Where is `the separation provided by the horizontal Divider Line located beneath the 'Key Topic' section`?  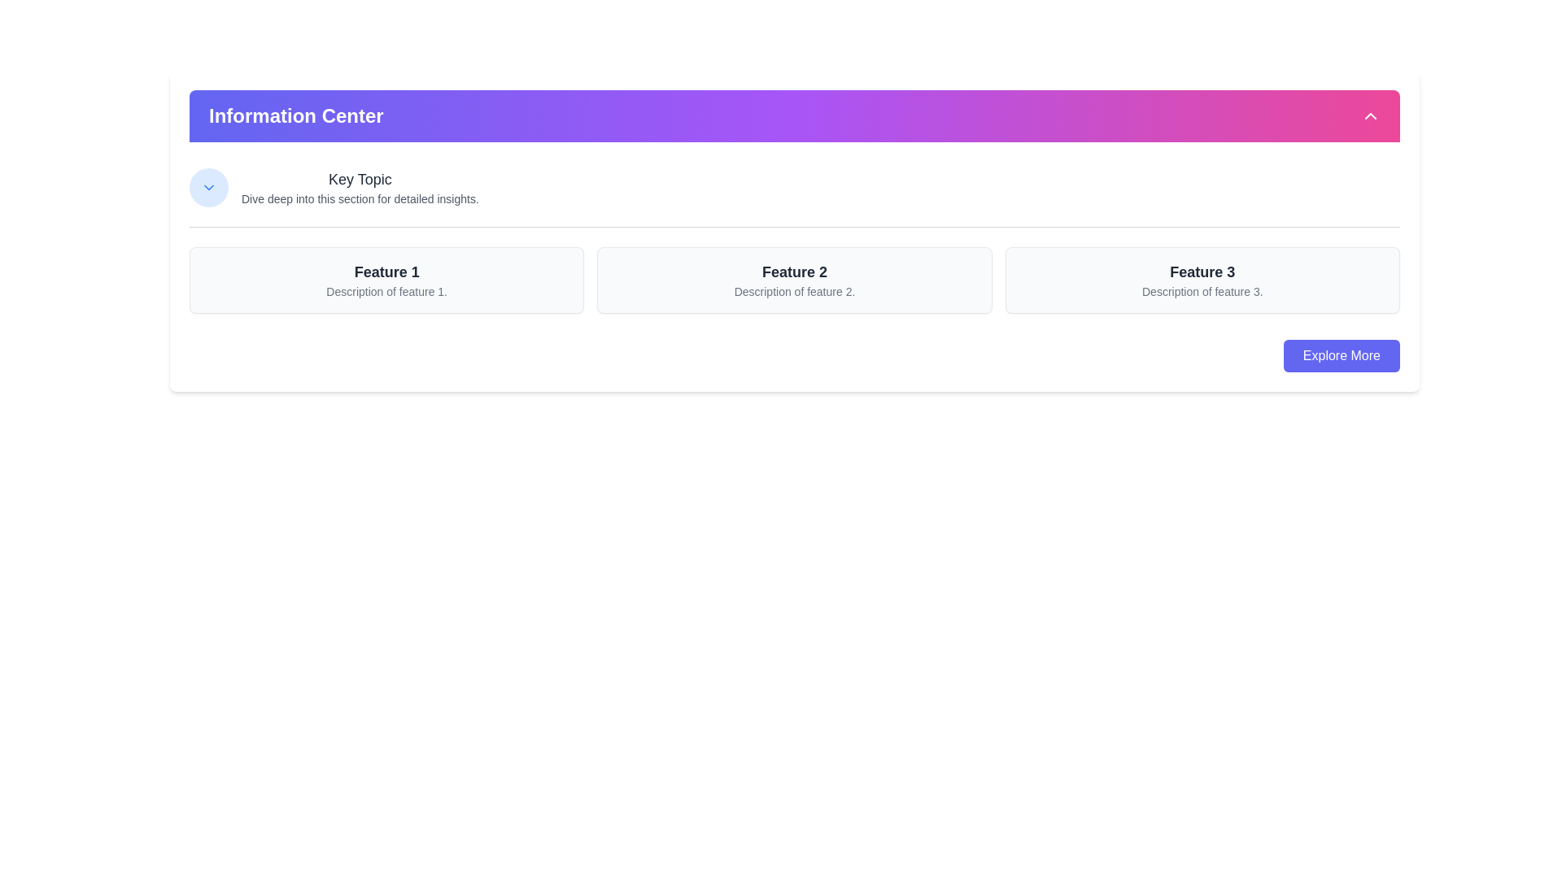
the separation provided by the horizontal Divider Line located beneath the 'Key Topic' section is located at coordinates (795, 227).